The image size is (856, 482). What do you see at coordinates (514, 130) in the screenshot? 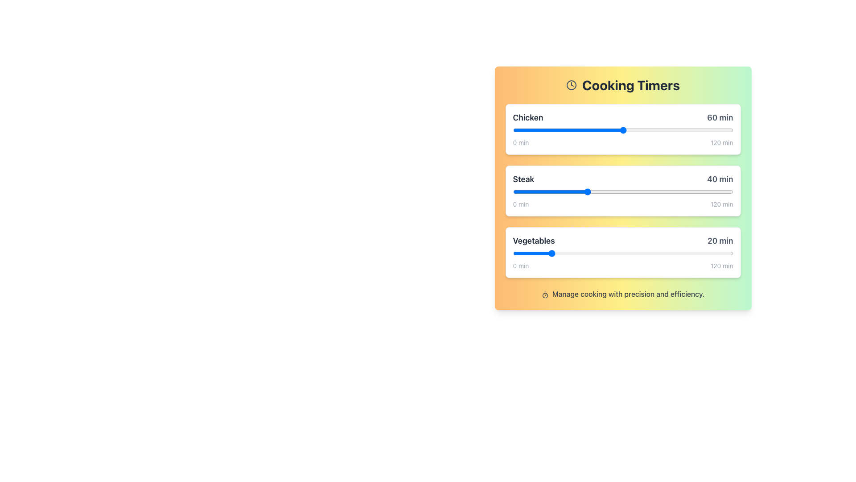
I see `the cooking timer value` at bounding box center [514, 130].